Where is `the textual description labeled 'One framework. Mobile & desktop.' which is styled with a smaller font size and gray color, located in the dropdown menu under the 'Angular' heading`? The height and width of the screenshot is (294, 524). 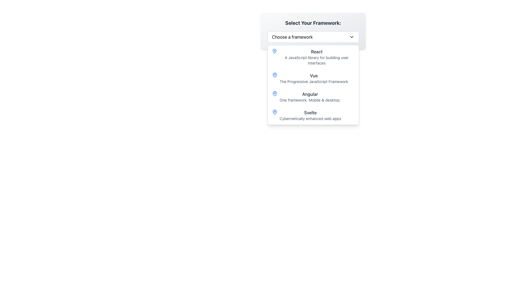
the textual description labeled 'One framework. Mobile & desktop.' which is styled with a smaller font size and gray color, located in the dropdown menu under the 'Angular' heading is located at coordinates (310, 100).